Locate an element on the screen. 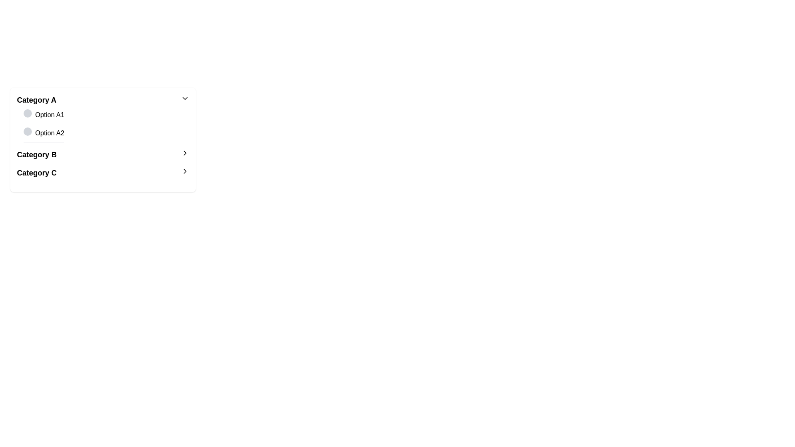 Image resolution: width=795 pixels, height=447 pixels. the 'Option A1' selectable item, which is the topmost option in the 'Category A' section of the menu is located at coordinates (43, 116).